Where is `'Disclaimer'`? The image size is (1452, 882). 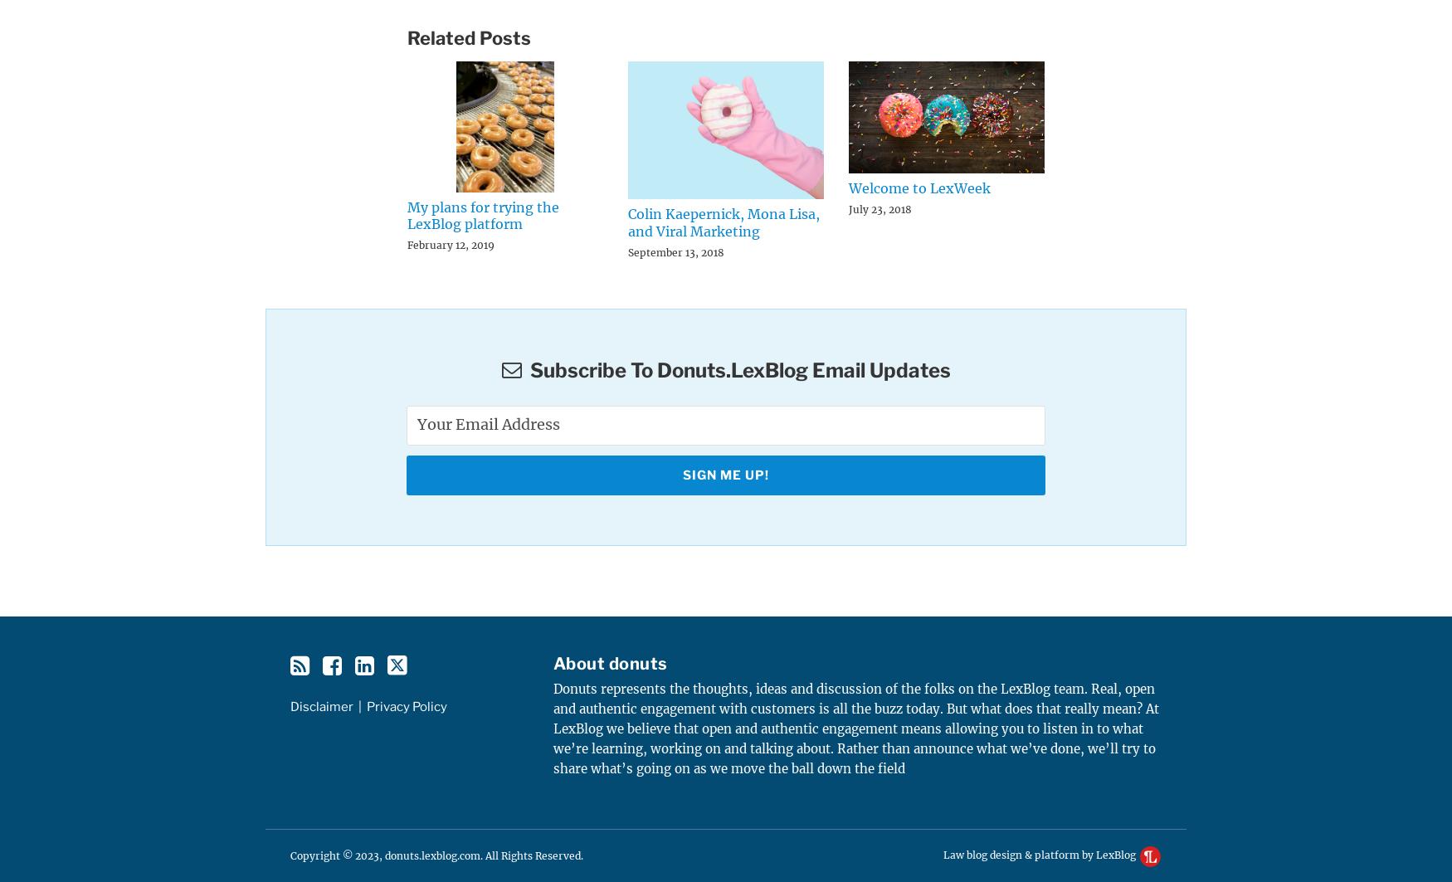
'Disclaimer' is located at coordinates (320, 705).